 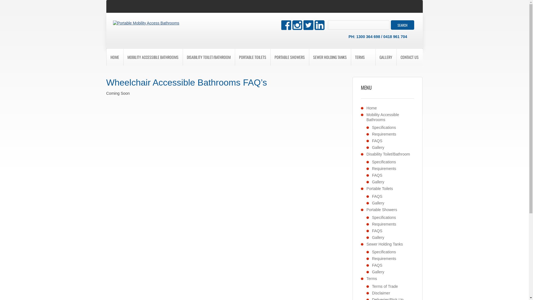 I want to click on 'CONTACT US', so click(x=409, y=57).